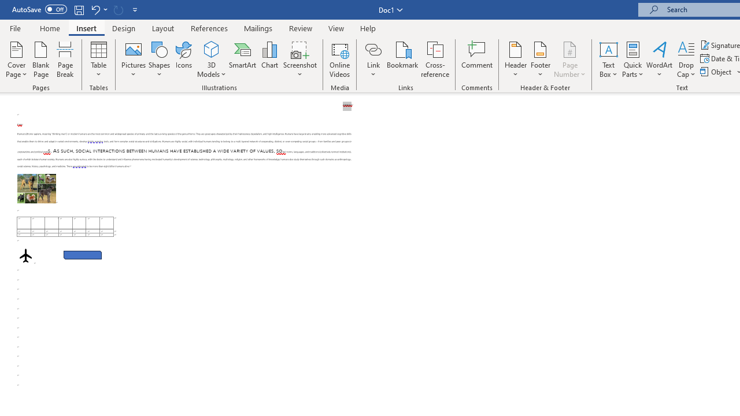  I want to click on 'Morphological variation in six dogs', so click(36, 188).